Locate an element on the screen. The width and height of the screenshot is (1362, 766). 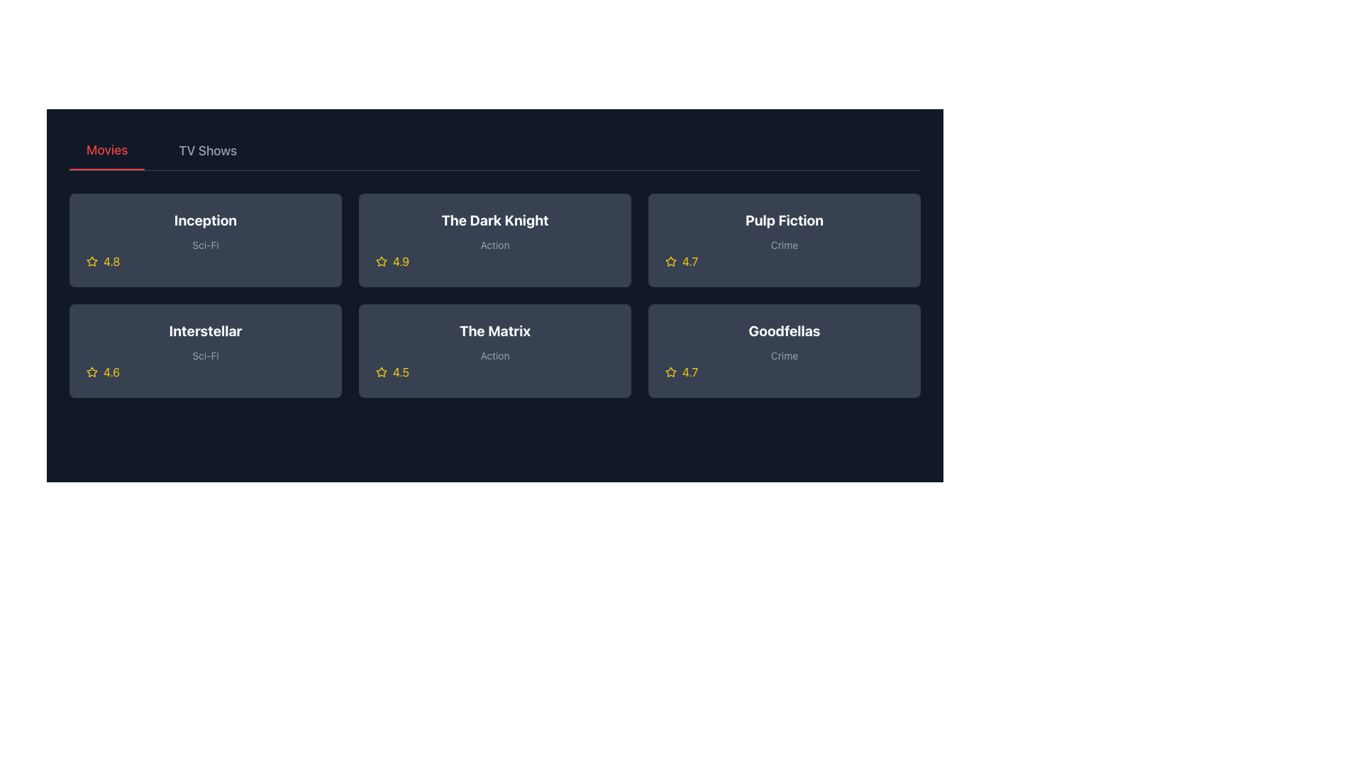
the text block displaying 'Inception' in bold white font and 'Sci-Fi' in smaller gray font, which is located within a dark gray rectangular card in the upper left corner of the grid of cards is located at coordinates (204, 231).